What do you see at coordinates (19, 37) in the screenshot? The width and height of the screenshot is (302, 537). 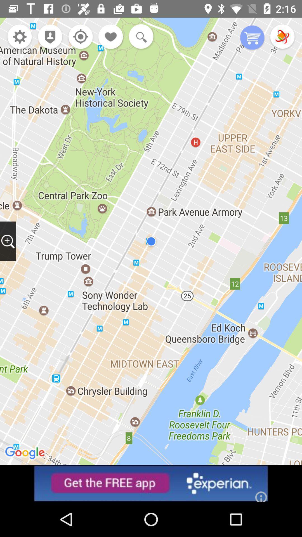 I see `options and settings for map` at bounding box center [19, 37].